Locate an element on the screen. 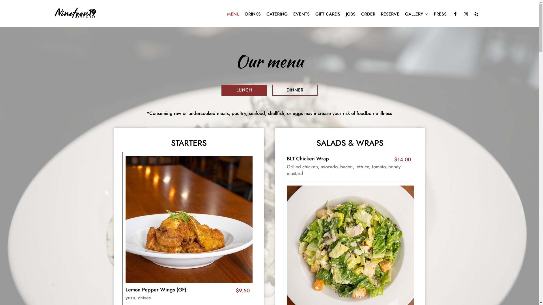  'DINNER' is located at coordinates (294, 90).